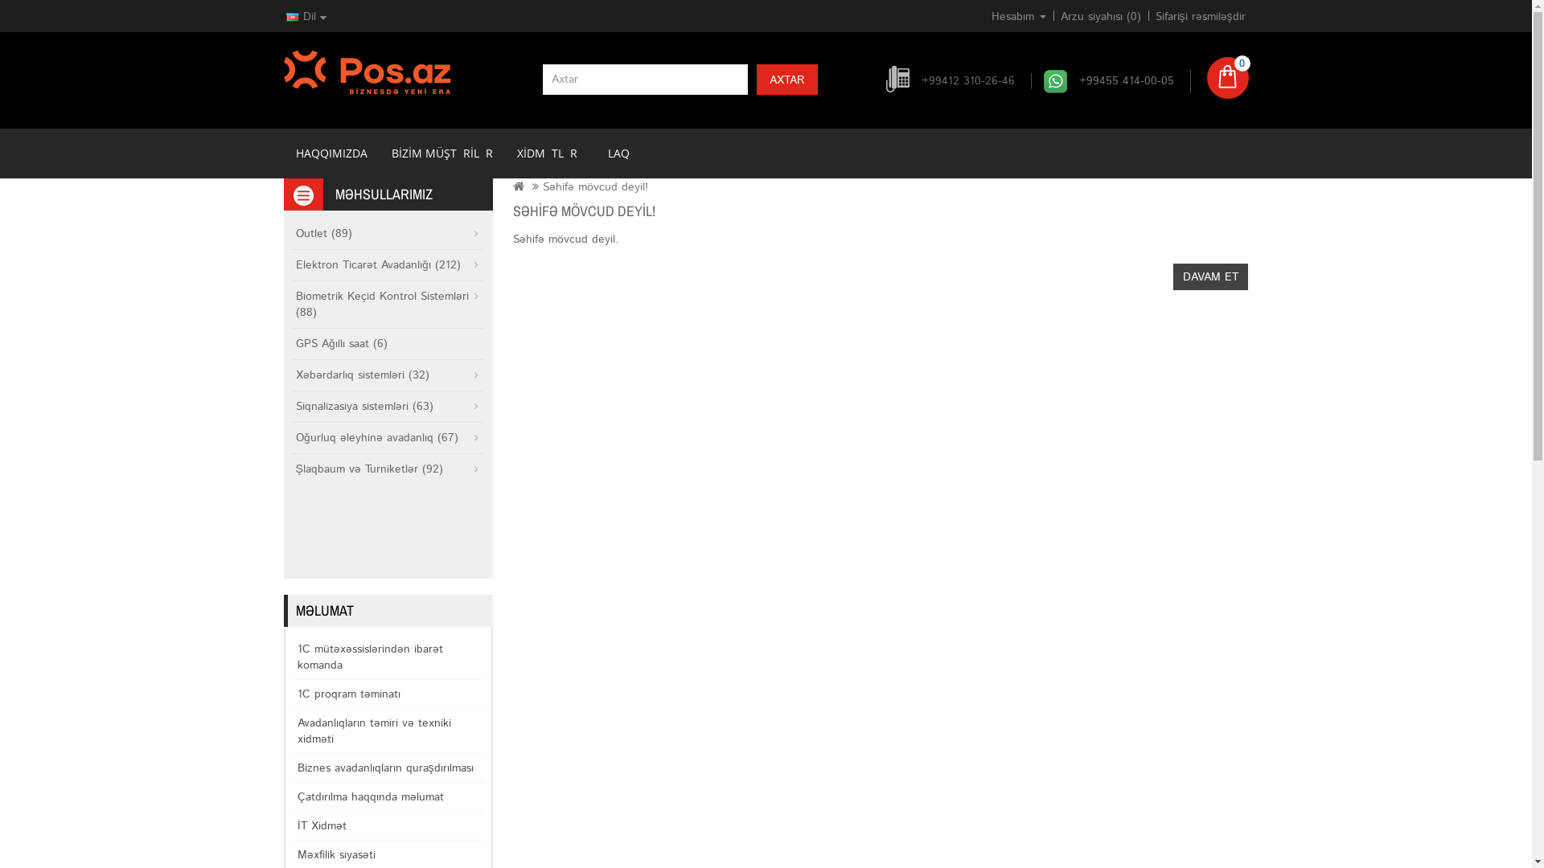 Image resolution: width=1544 pixels, height=868 pixels. What do you see at coordinates (1126, 80) in the screenshot?
I see `'+99455 414-00-05'` at bounding box center [1126, 80].